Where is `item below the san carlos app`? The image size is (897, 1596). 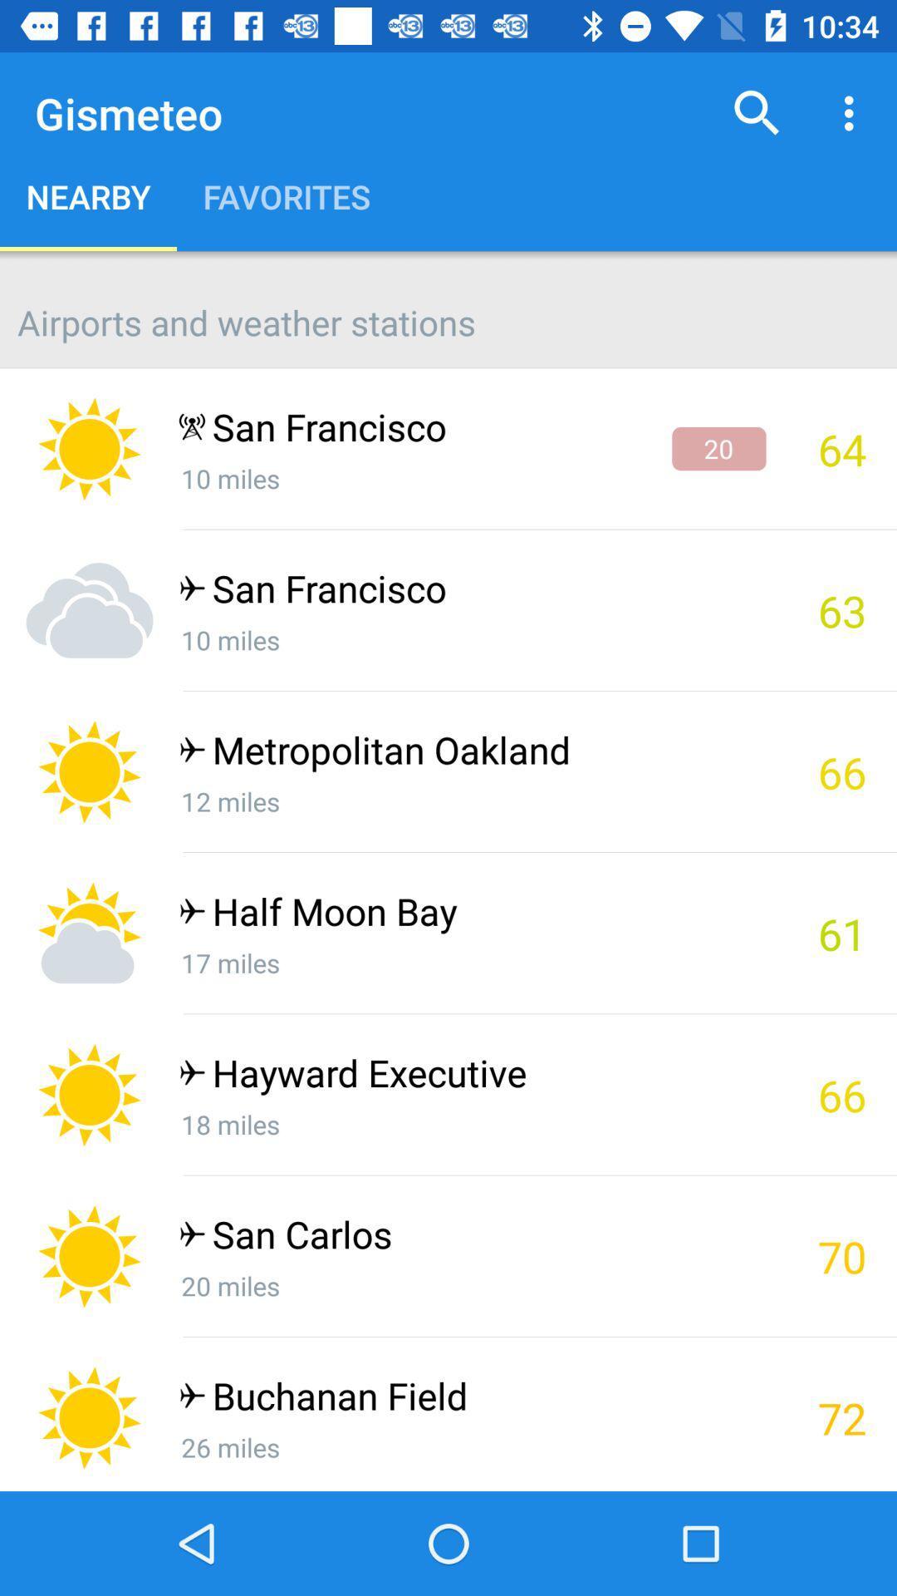 item below the san carlos app is located at coordinates (472, 1284).